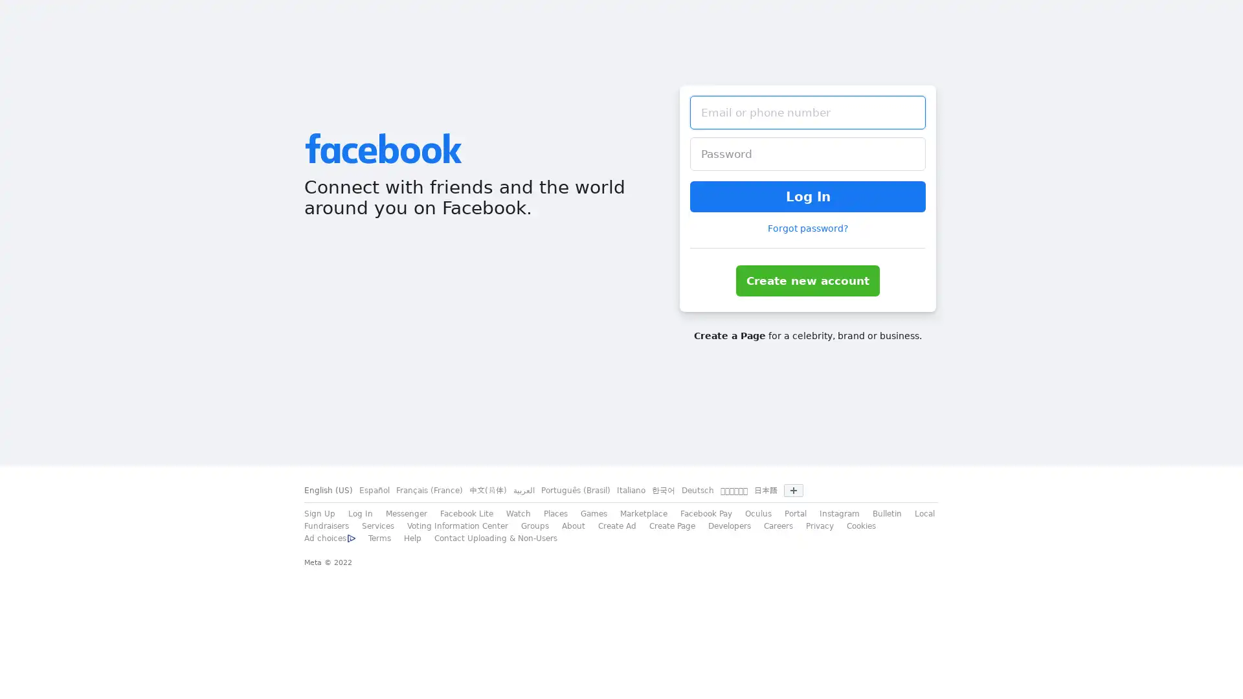 The height and width of the screenshot is (699, 1243). What do you see at coordinates (807, 197) in the screenshot?
I see `Log In` at bounding box center [807, 197].